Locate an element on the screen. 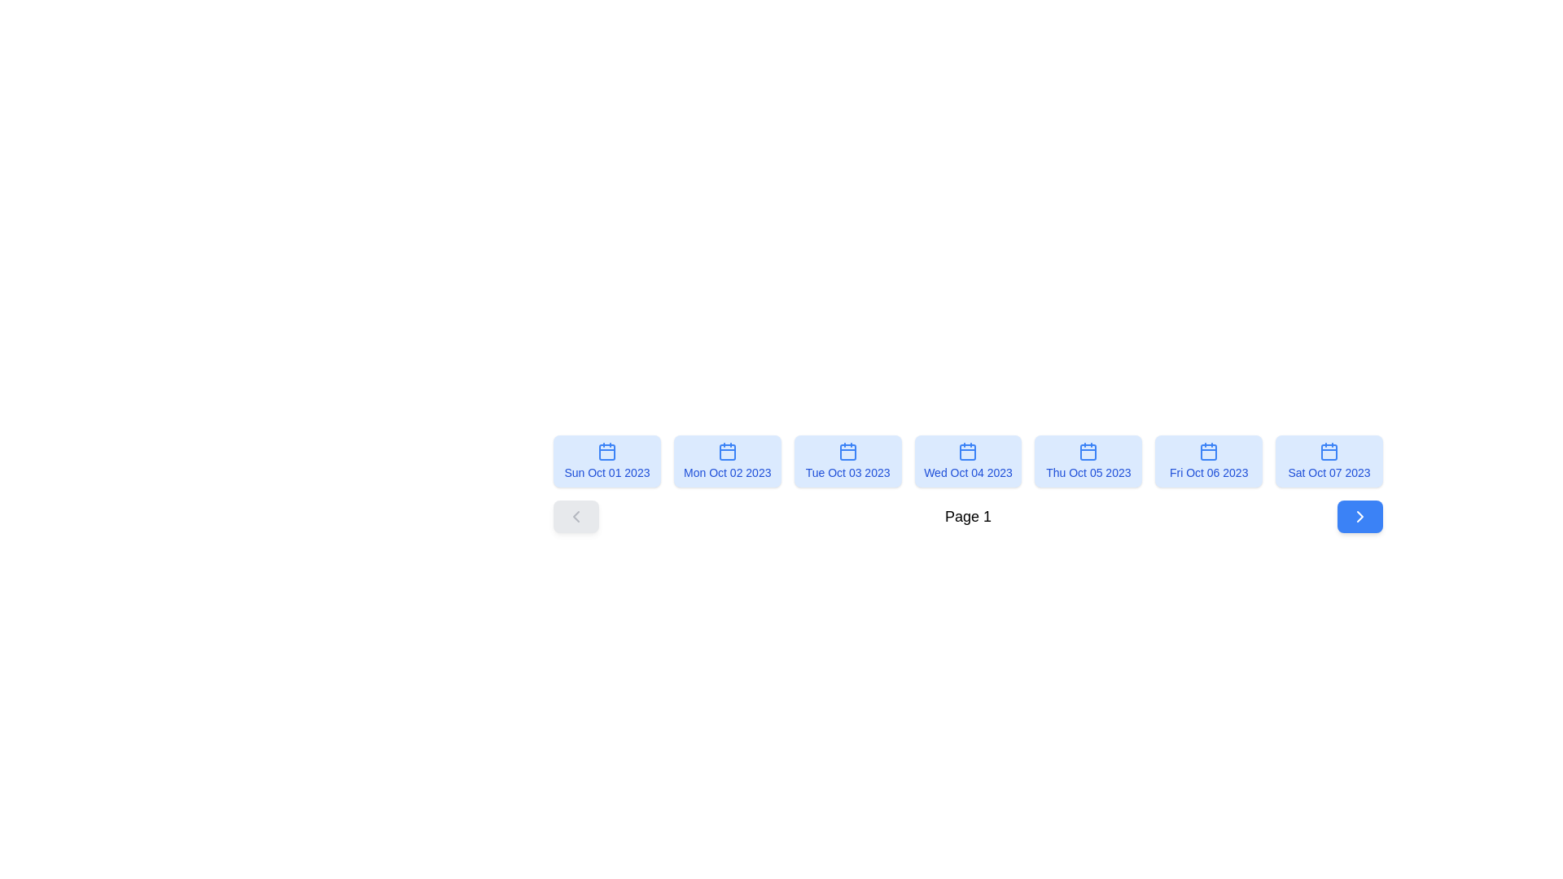 The height and width of the screenshot is (879, 1563). the card representing the date 'Thu Oct 05 2023' in the calendar view, which has a light blue background and a calendar icon above the text label is located at coordinates (1088, 461).